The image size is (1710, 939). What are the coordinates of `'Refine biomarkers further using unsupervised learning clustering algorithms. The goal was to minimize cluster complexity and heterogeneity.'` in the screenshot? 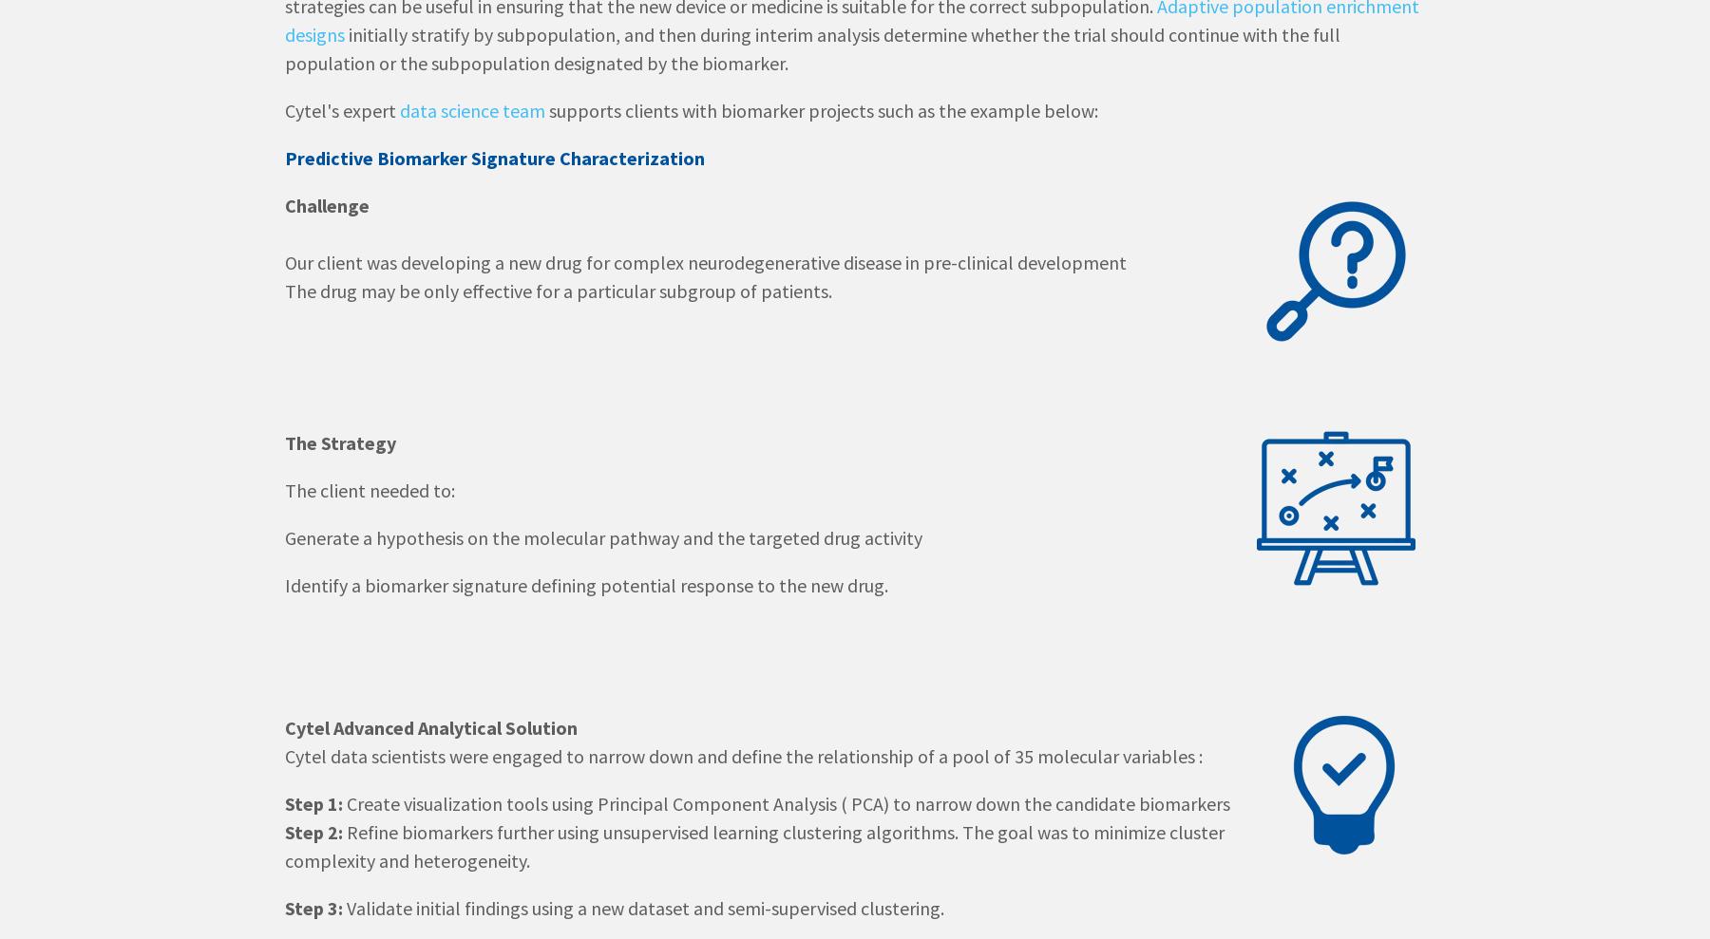 It's located at (754, 845).